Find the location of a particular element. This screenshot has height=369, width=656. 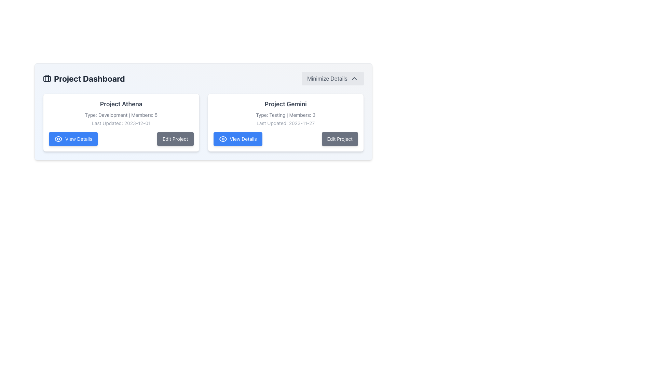

the timestamp text indicating the last update date of the project, which is centrally aligned below 'Project Athena' and above the 'View Details' and 'Edit Project' buttons is located at coordinates (121, 123).